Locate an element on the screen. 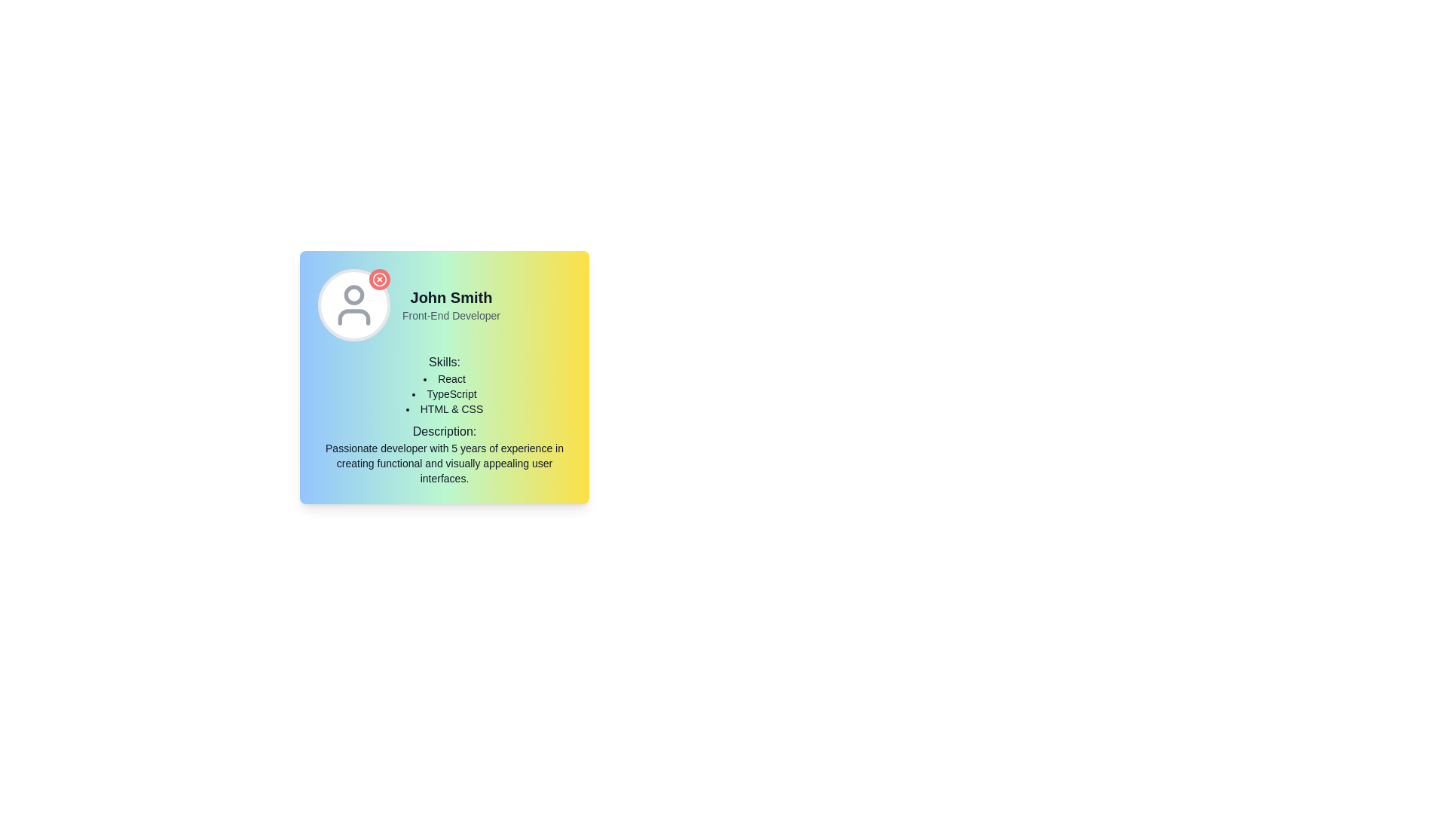 The width and height of the screenshot is (1447, 814). the lower body segment of the user icon graphic, which symbolizes the user's profile visually is located at coordinates (353, 316).